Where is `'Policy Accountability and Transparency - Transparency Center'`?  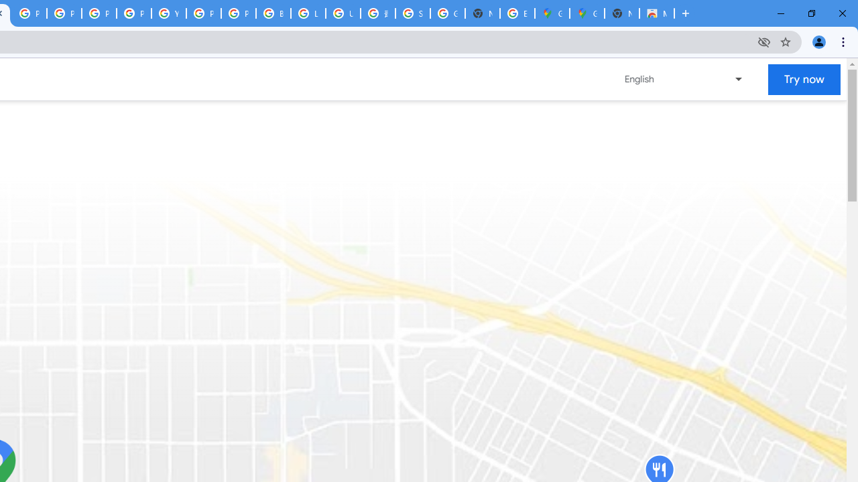 'Policy Accountability and Transparency - Transparency Center' is located at coordinates (29, 13).